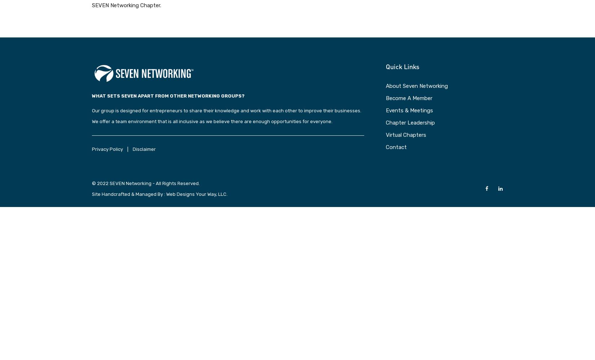  What do you see at coordinates (168, 95) in the screenshot?
I see `'WHAT SETS SEVEN APART FROM OTHER NETWORKING GROUPS?'` at bounding box center [168, 95].